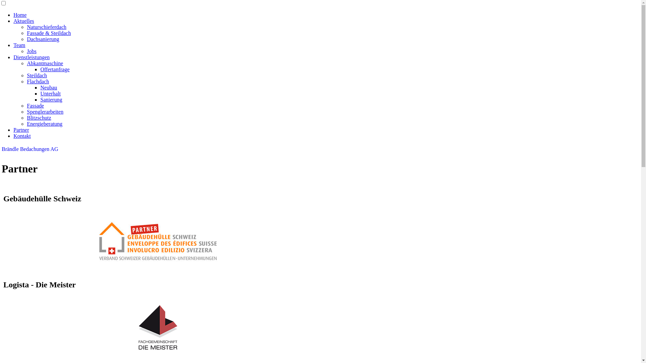 The width and height of the screenshot is (646, 363). I want to click on 'Naturschieferdach', so click(46, 27).